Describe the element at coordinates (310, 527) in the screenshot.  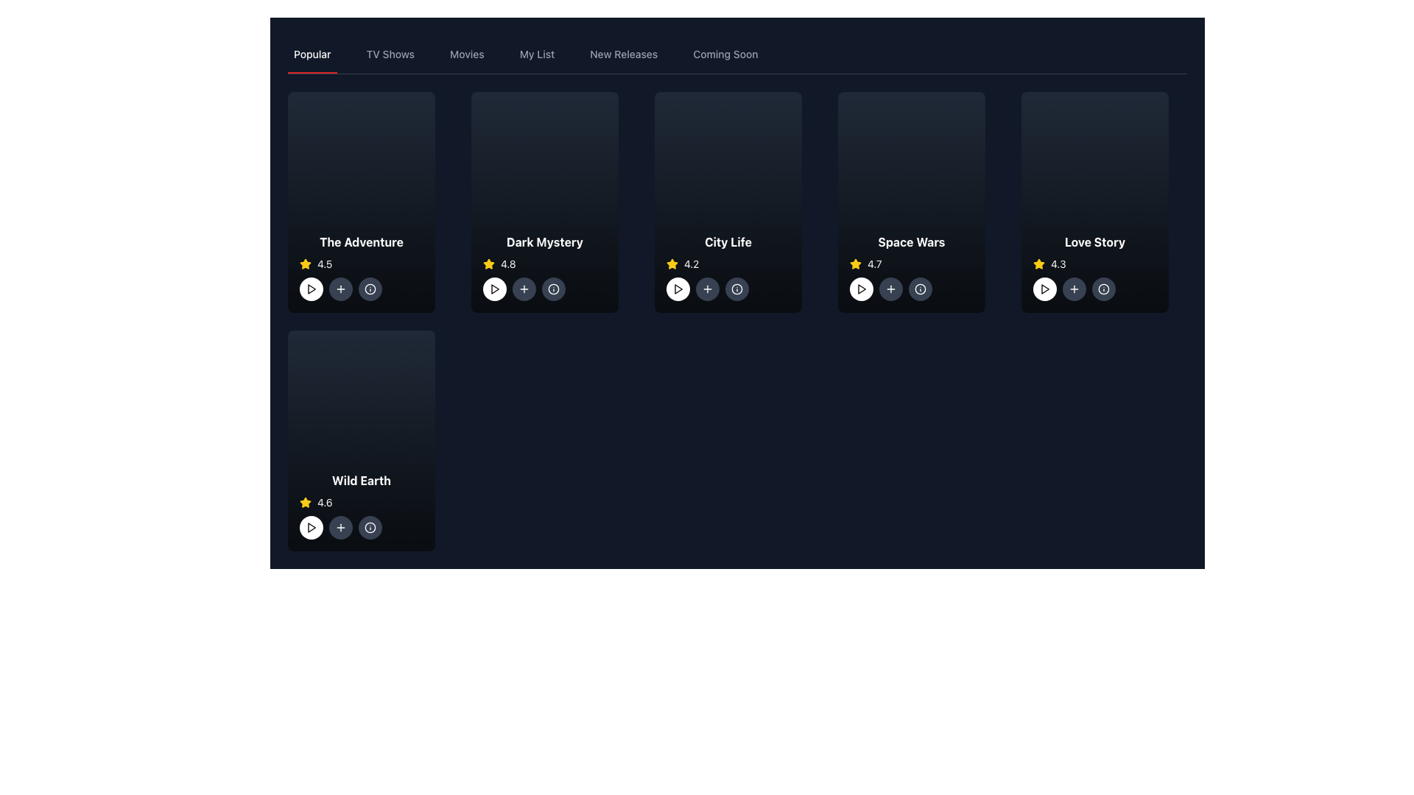
I see `the circular play button with a white background and black play icon located at the lower left of the 'Wild Earth' card` at that location.